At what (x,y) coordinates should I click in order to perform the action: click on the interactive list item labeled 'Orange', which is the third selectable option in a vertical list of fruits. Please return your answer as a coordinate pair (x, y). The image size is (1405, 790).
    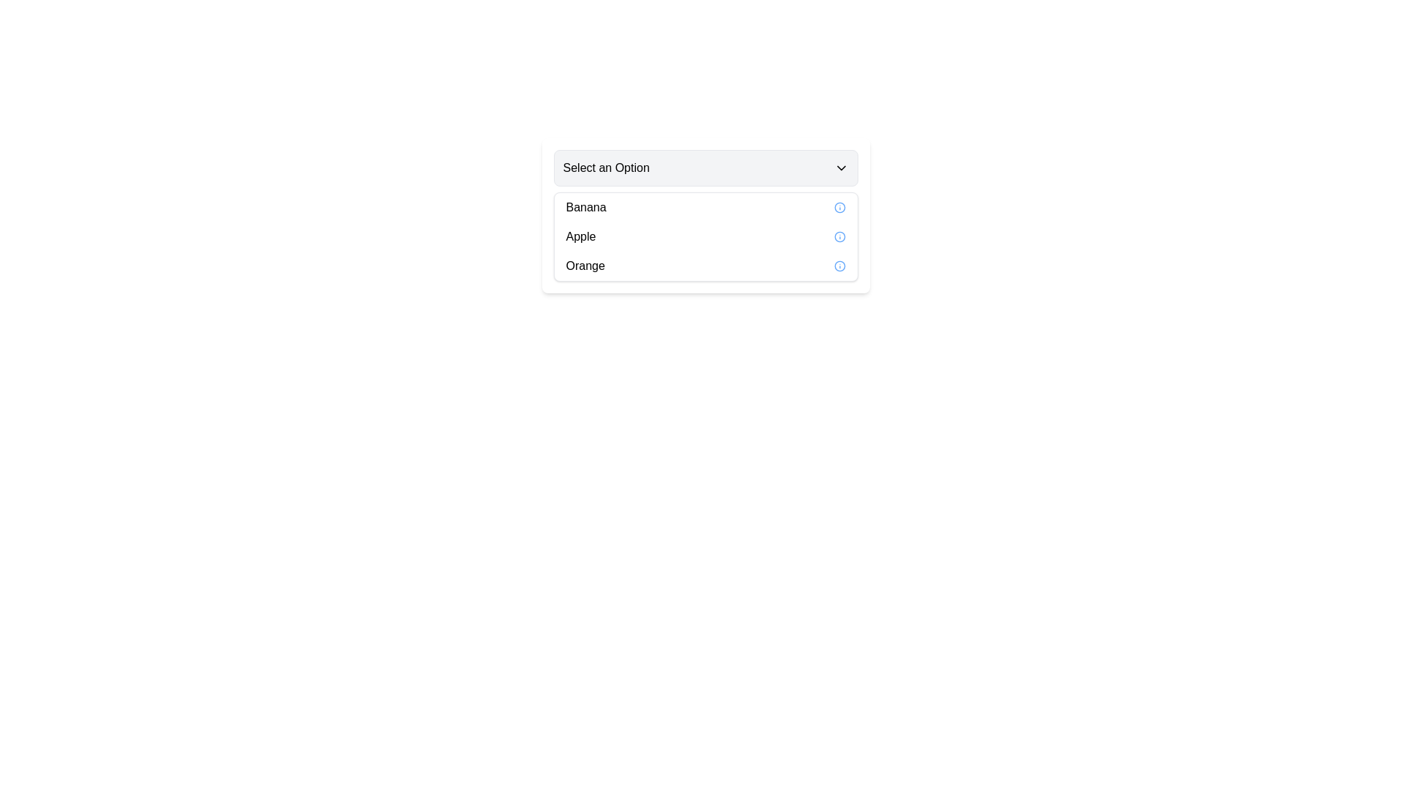
    Looking at the image, I should click on (705, 266).